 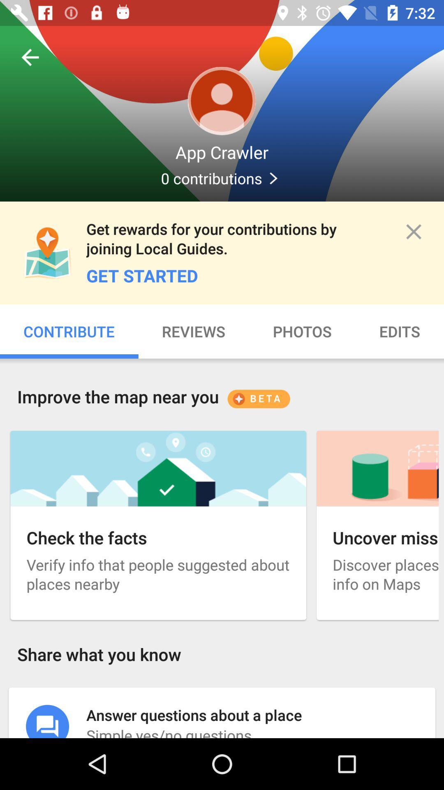 What do you see at coordinates (302, 331) in the screenshot?
I see `the photos item` at bounding box center [302, 331].